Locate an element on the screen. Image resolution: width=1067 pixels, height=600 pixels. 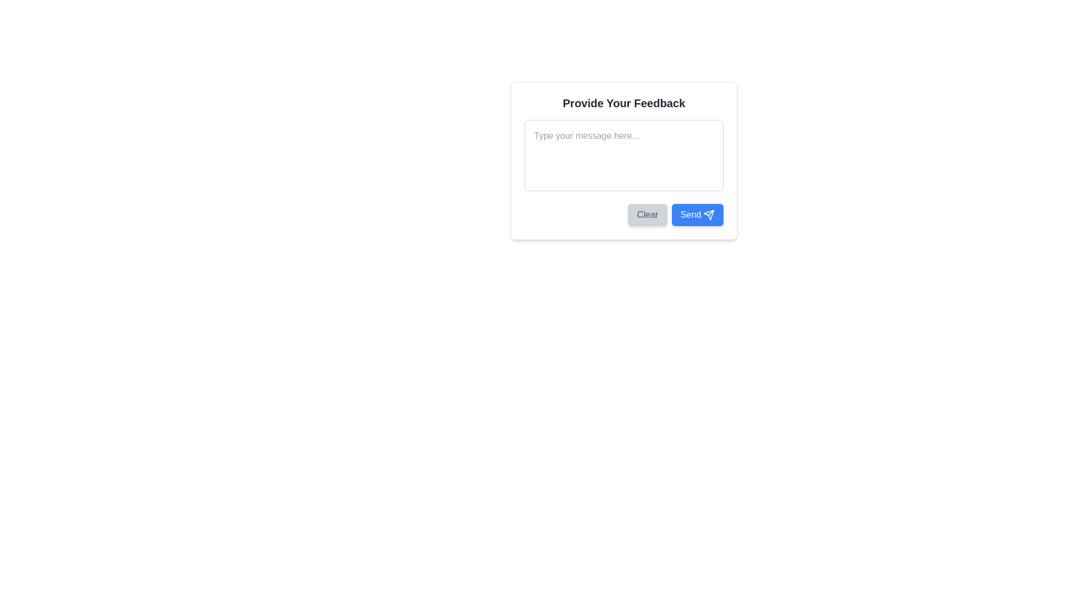
the blue rectangular 'Send' button with rounded corners, labeled in white text is located at coordinates (697, 214).